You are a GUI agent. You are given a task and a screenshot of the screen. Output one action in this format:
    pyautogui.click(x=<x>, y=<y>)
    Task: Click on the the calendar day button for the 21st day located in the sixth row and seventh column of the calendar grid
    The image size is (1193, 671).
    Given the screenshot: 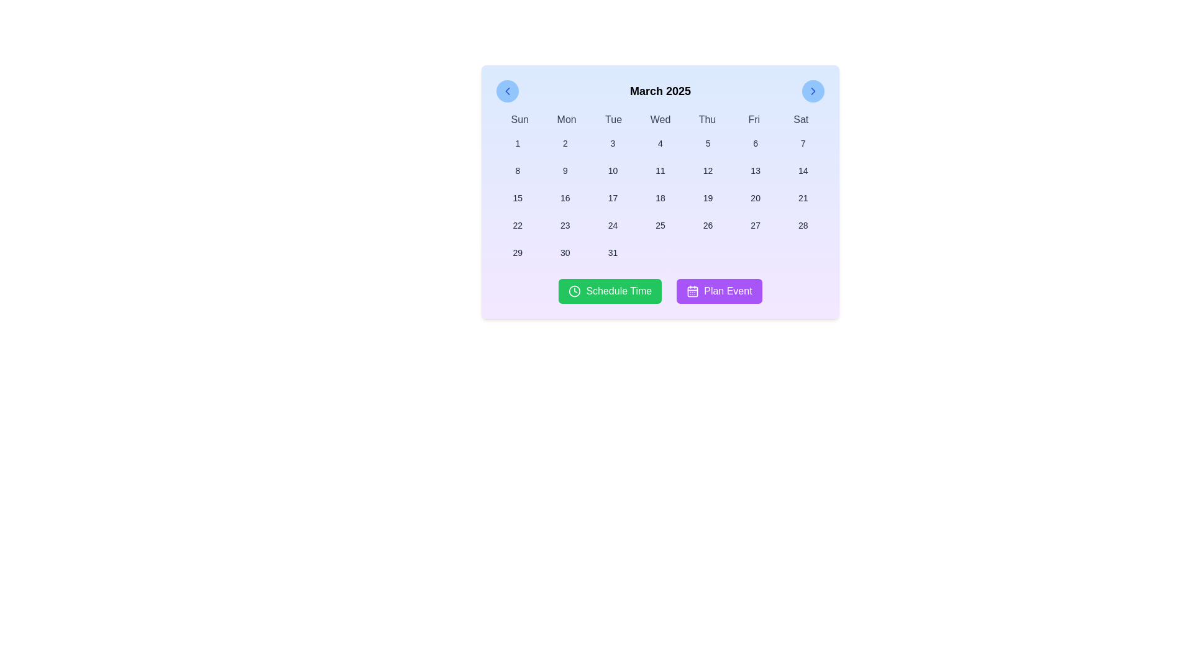 What is the action you would take?
    pyautogui.click(x=803, y=198)
    